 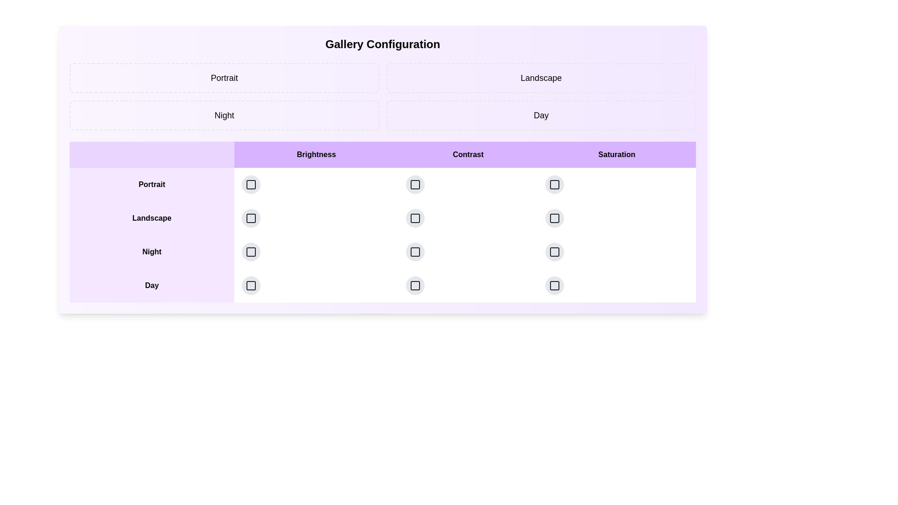 I want to click on the third checkbox in the 'Contrast' column, located in the bottom row labeled 'Day', so click(x=415, y=285).